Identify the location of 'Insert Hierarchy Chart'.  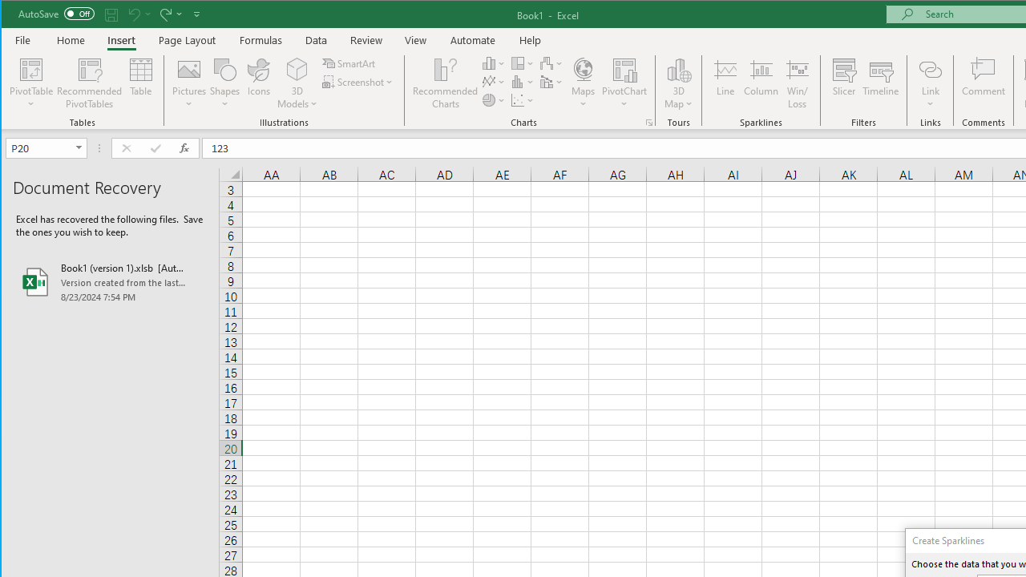
(523, 63).